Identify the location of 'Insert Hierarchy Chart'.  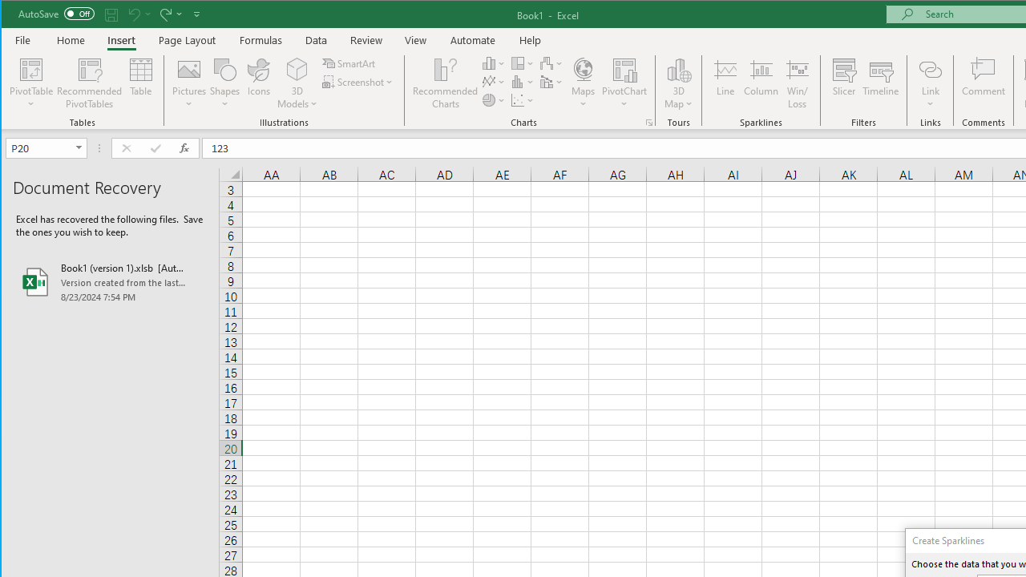
(523, 63).